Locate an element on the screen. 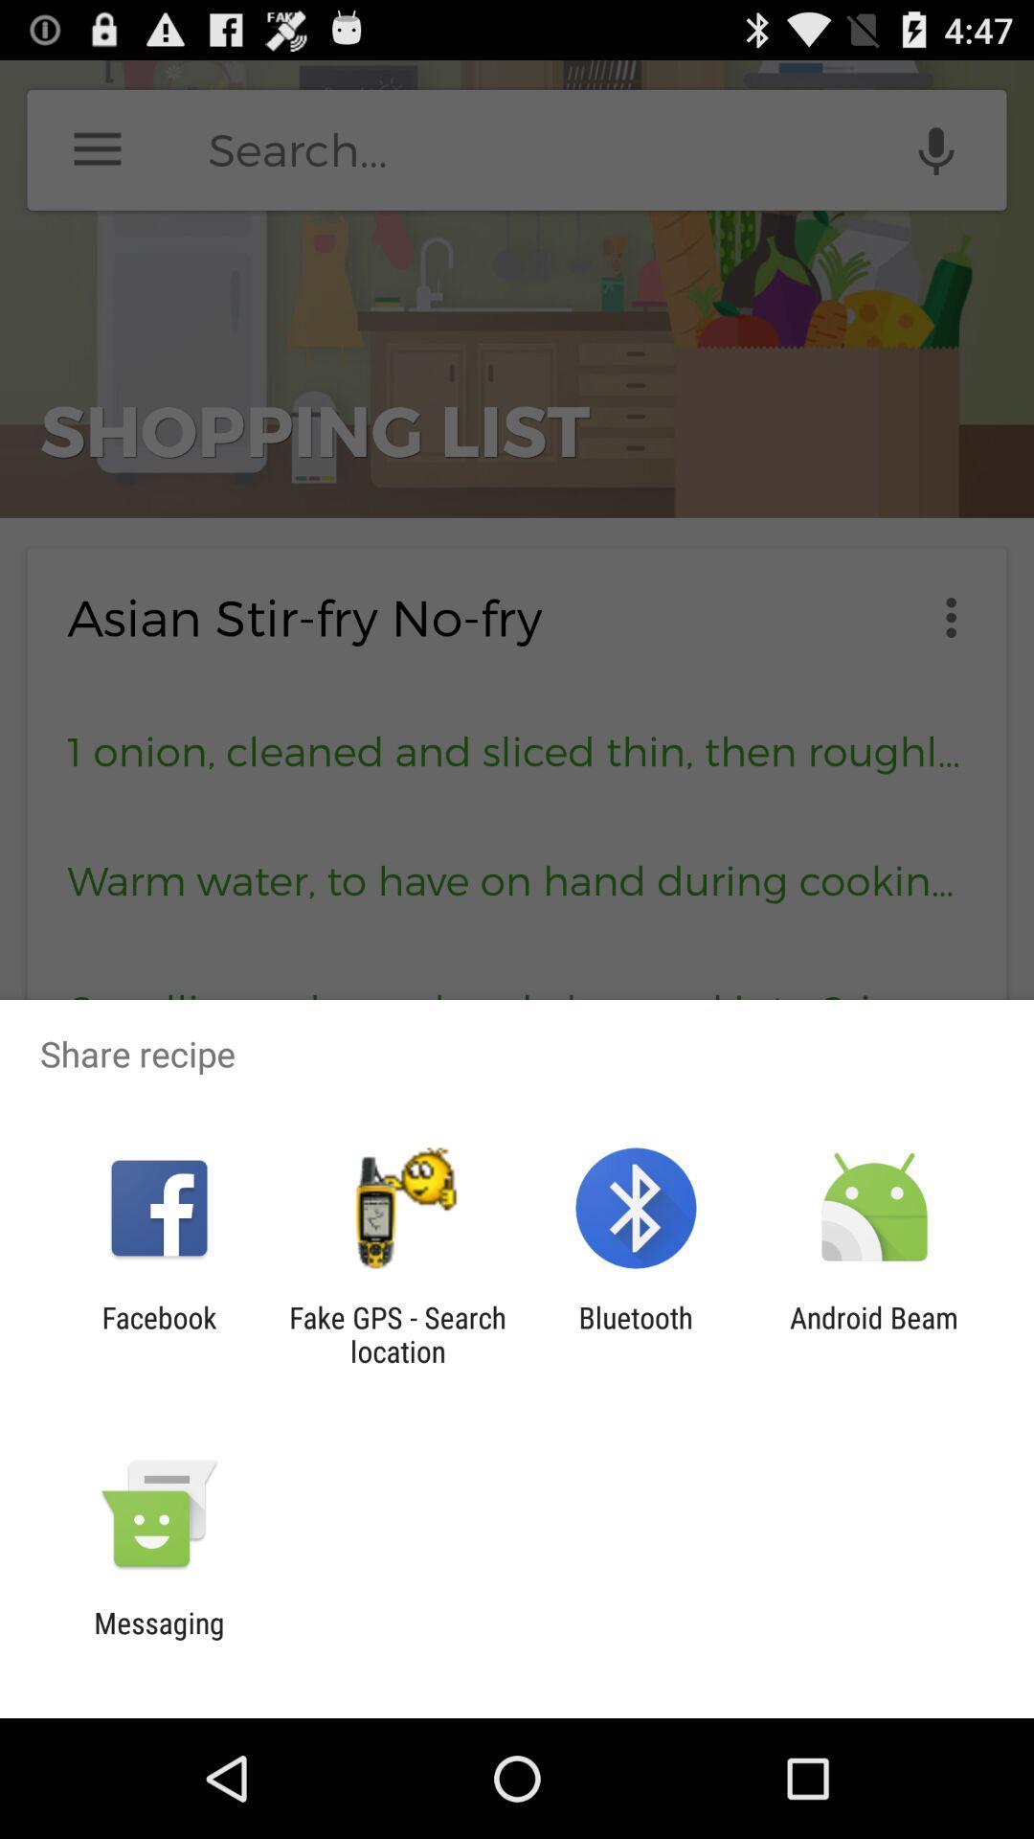 The height and width of the screenshot is (1839, 1034). the icon to the left of the bluetooth is located at coordinates (396, 1333).